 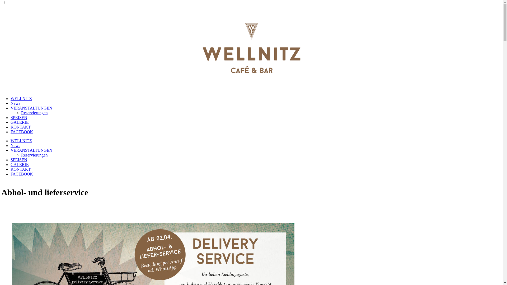 I want to click on 'KONTAKT', so click(x=20, y=169).